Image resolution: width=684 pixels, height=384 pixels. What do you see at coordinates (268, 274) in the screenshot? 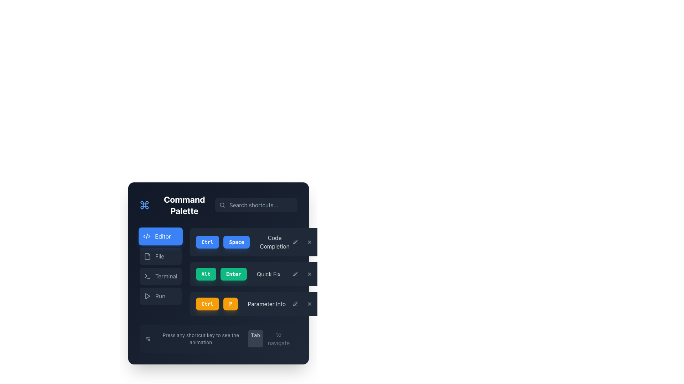
I see `the 'Quick Fix' text label, which is displayed in light gray and positioned to the right of the 'Alt' and 'Enter' buttons within the Command Palette UI layout` at bounding box center [268, 274].